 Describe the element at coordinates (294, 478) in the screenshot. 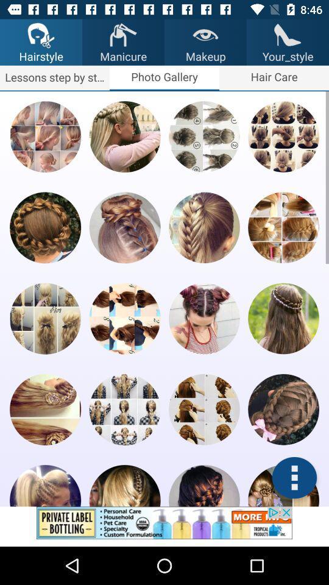

I see `more settings` at that location.